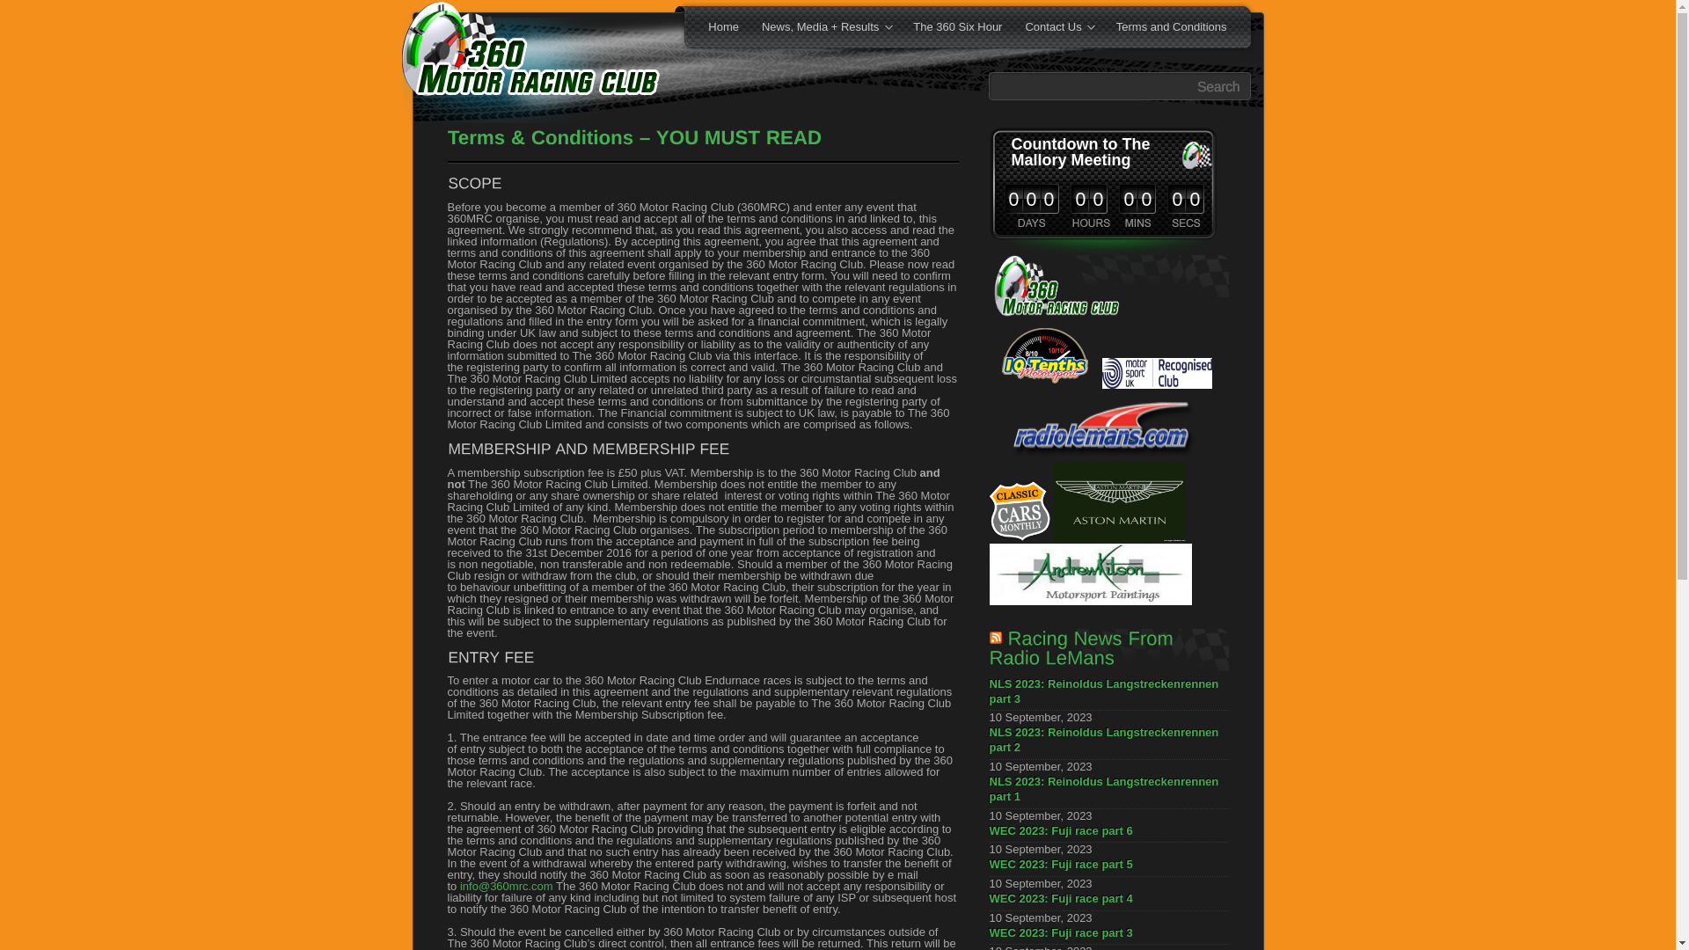  What do you see at coordinates (506, 886) in the screenshot?
I see `'info@360mrc.com'` at bounding box center [506, 886].